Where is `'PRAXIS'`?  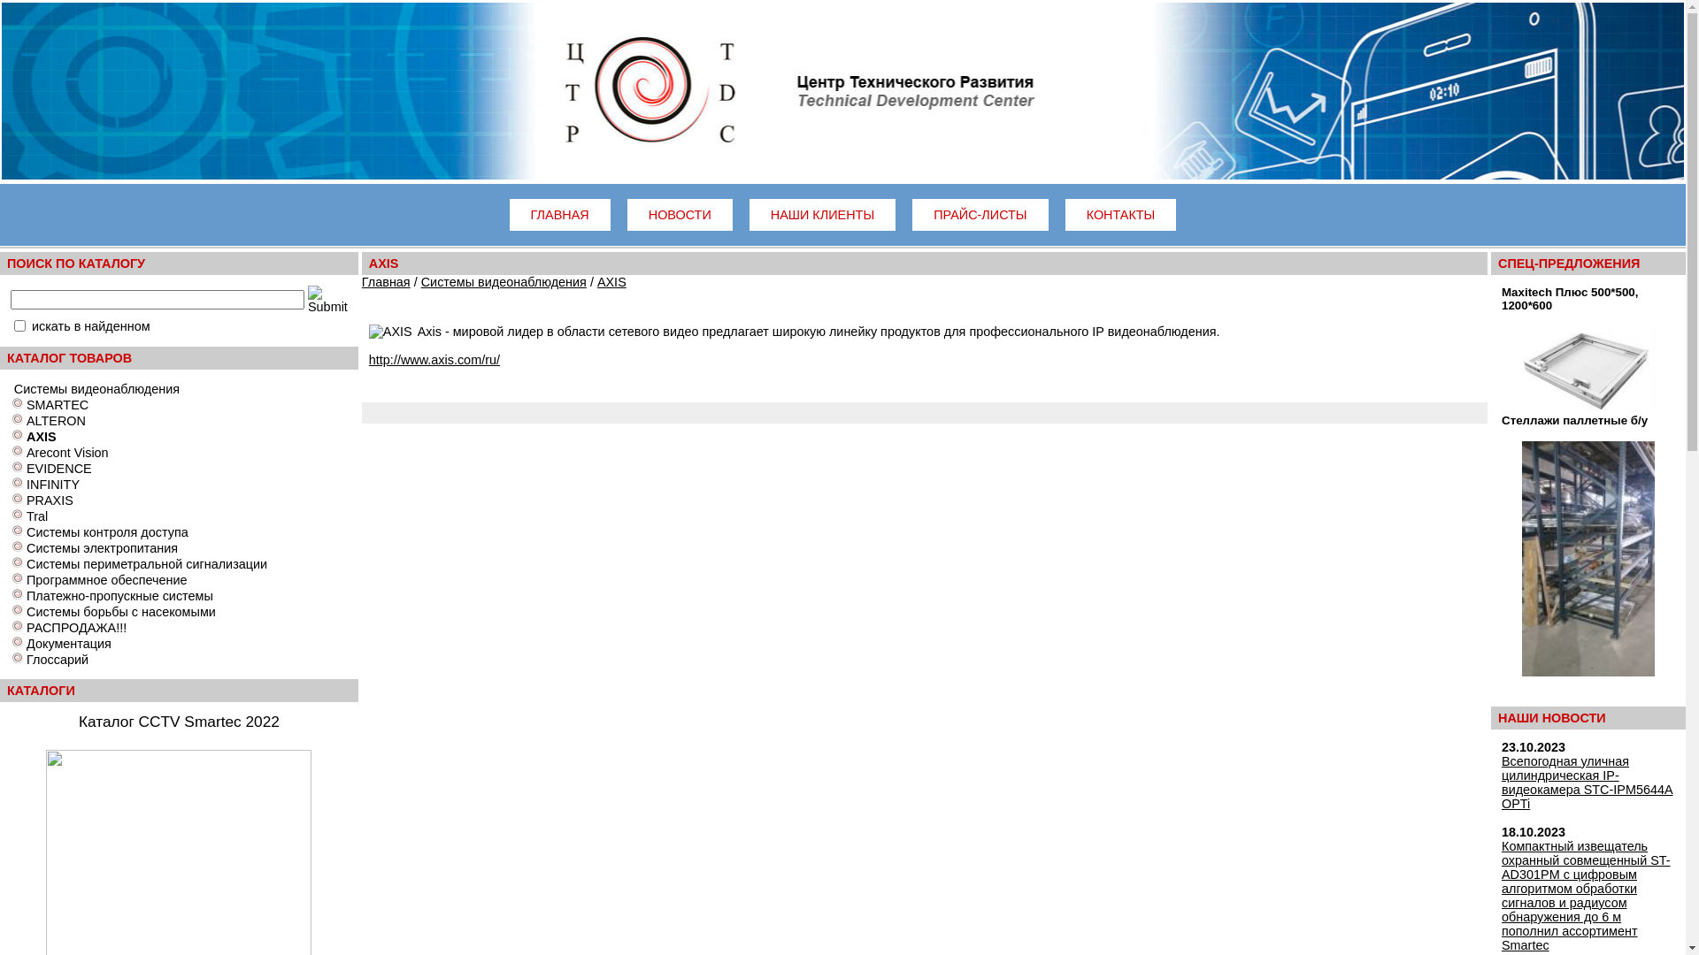 'PRAXIS' is located at coordinates (50, 500).